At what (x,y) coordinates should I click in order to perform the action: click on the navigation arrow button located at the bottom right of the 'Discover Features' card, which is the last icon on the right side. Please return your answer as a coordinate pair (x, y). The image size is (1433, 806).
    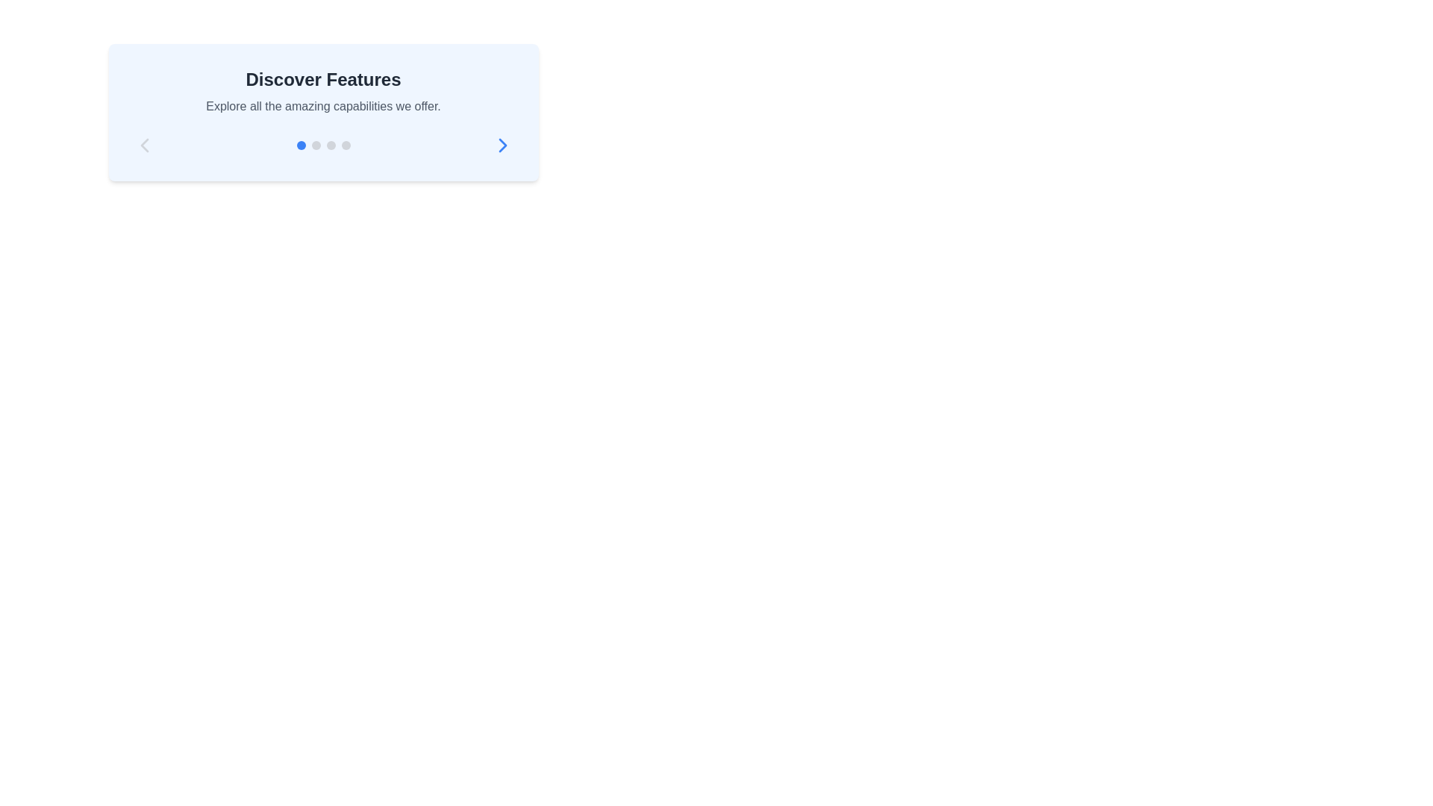
    Looking at the image, I should click on (502, 146).